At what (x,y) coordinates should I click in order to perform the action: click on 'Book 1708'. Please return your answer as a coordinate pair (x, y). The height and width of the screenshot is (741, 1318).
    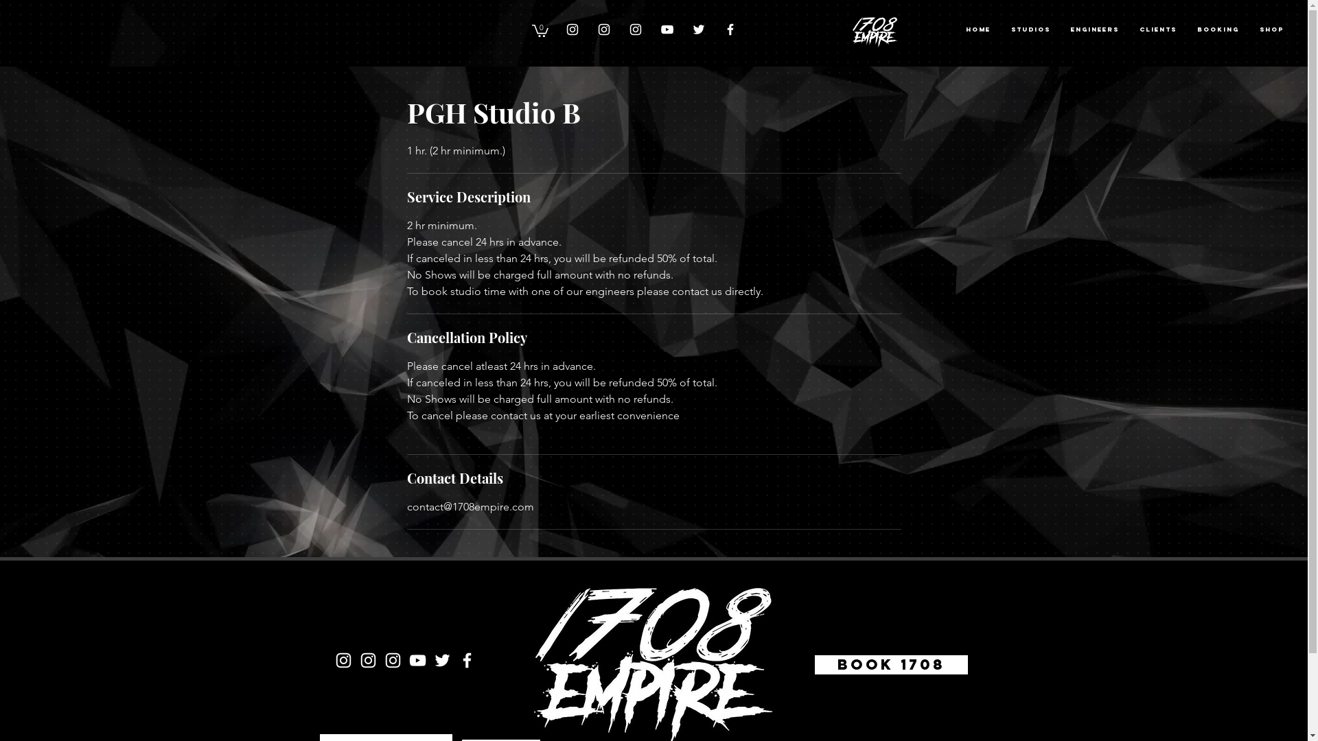
    Looking at the image, I should click on (810, 663).